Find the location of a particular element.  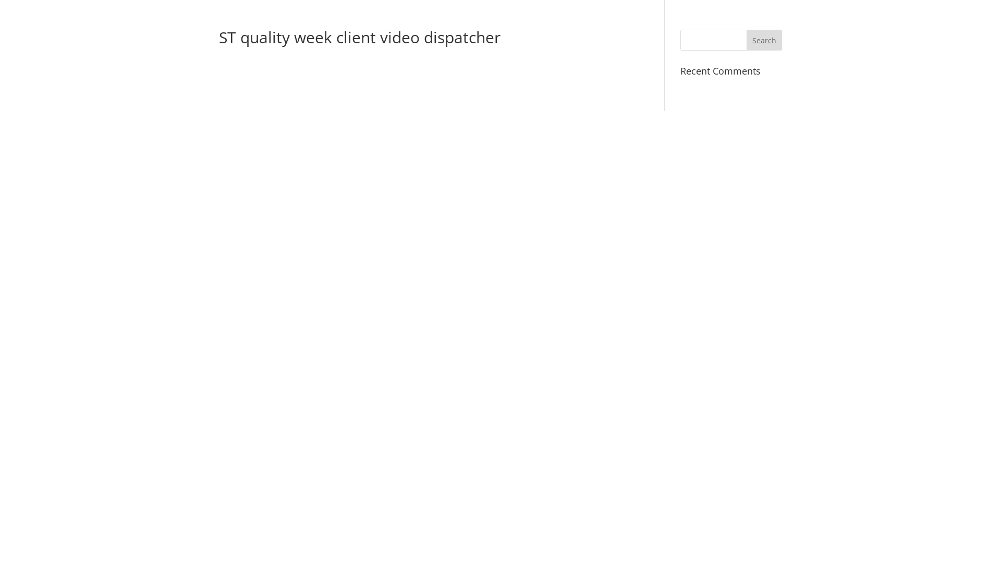

'Search' is located at coordinates (764, 40).